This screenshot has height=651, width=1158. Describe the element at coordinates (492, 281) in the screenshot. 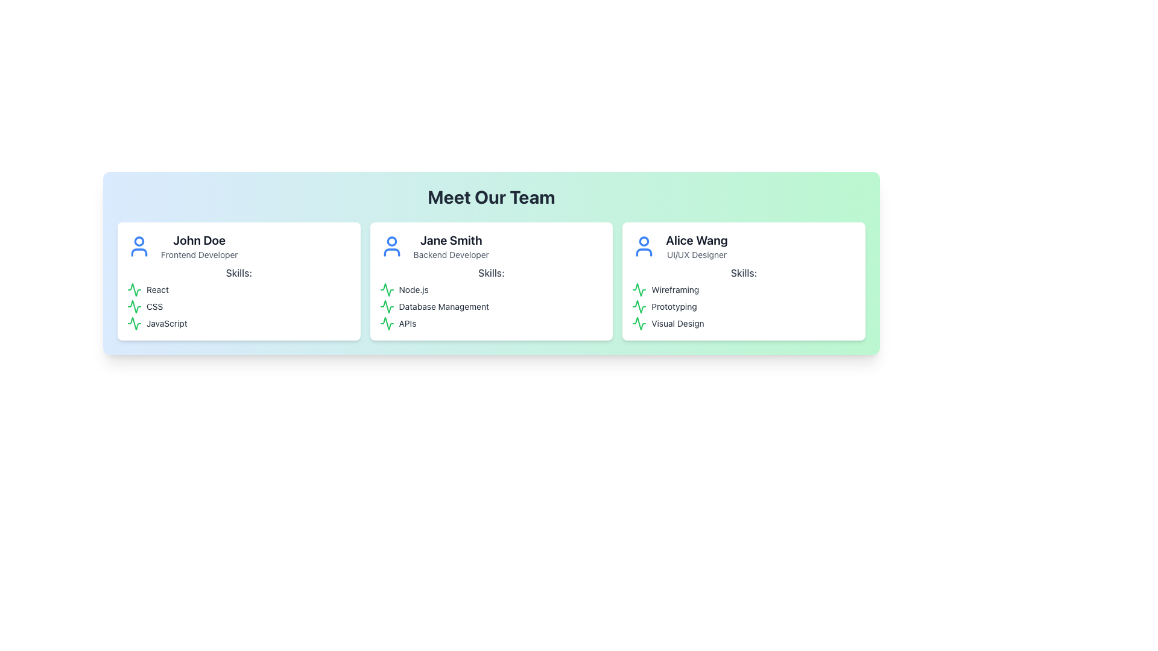

I see `the Informational Card displaying 'Jane Smith'` at that location.